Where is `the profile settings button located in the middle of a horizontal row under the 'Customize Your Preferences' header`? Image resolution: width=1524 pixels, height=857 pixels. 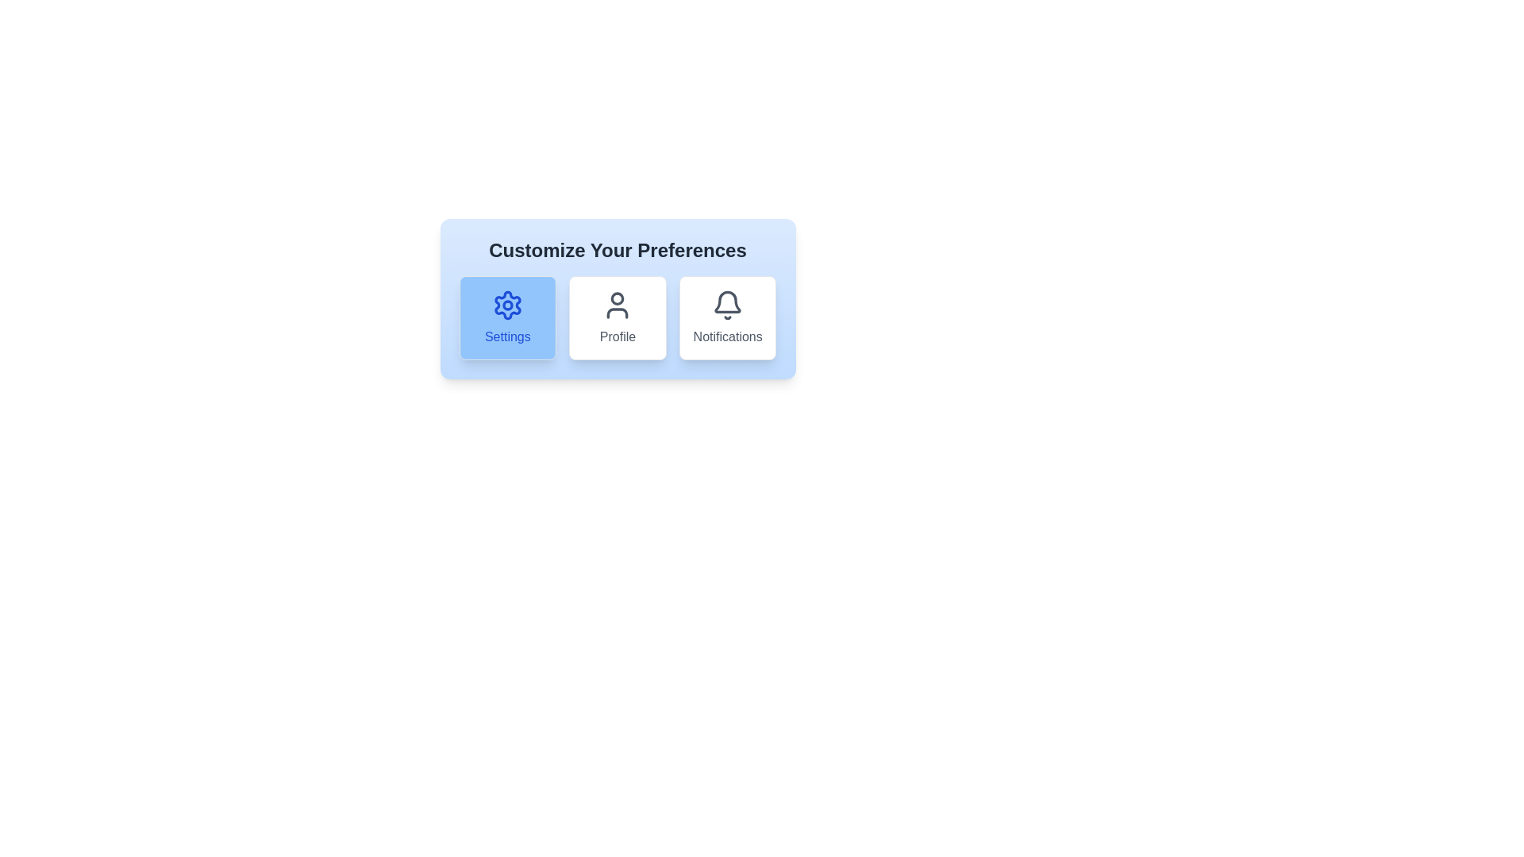
the profile settings button located in the middle of a horizontal row under the 'Customize Your Preferences' header is located at coordinates (617, 318).